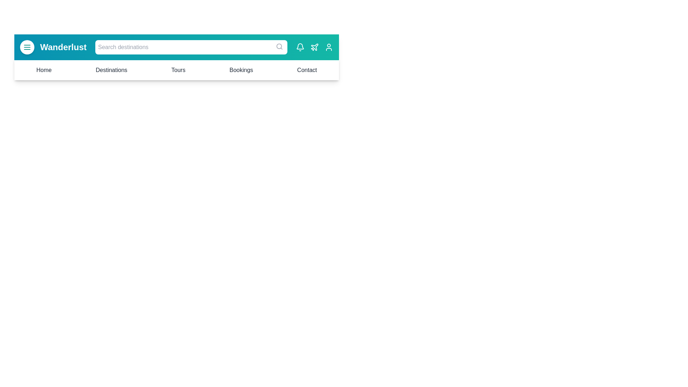  Describe the element at coordinates (43, 70) in the screenshot. I see `the menu item Home to navigate to the corresponding section` at that location.